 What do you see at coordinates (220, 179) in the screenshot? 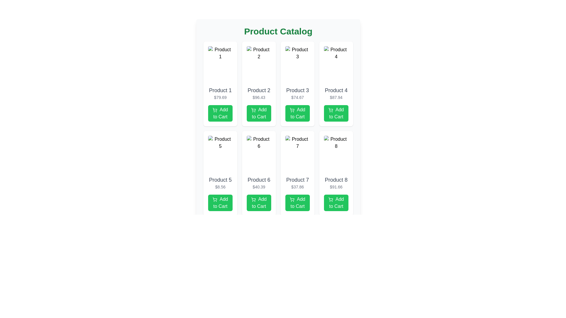
I see `the text label displaying 'Product 5', which is styled in a medium-sized, gray font and positioned within the fifth product card of a 4x2 grid layout` at bounding box center [220, 179].